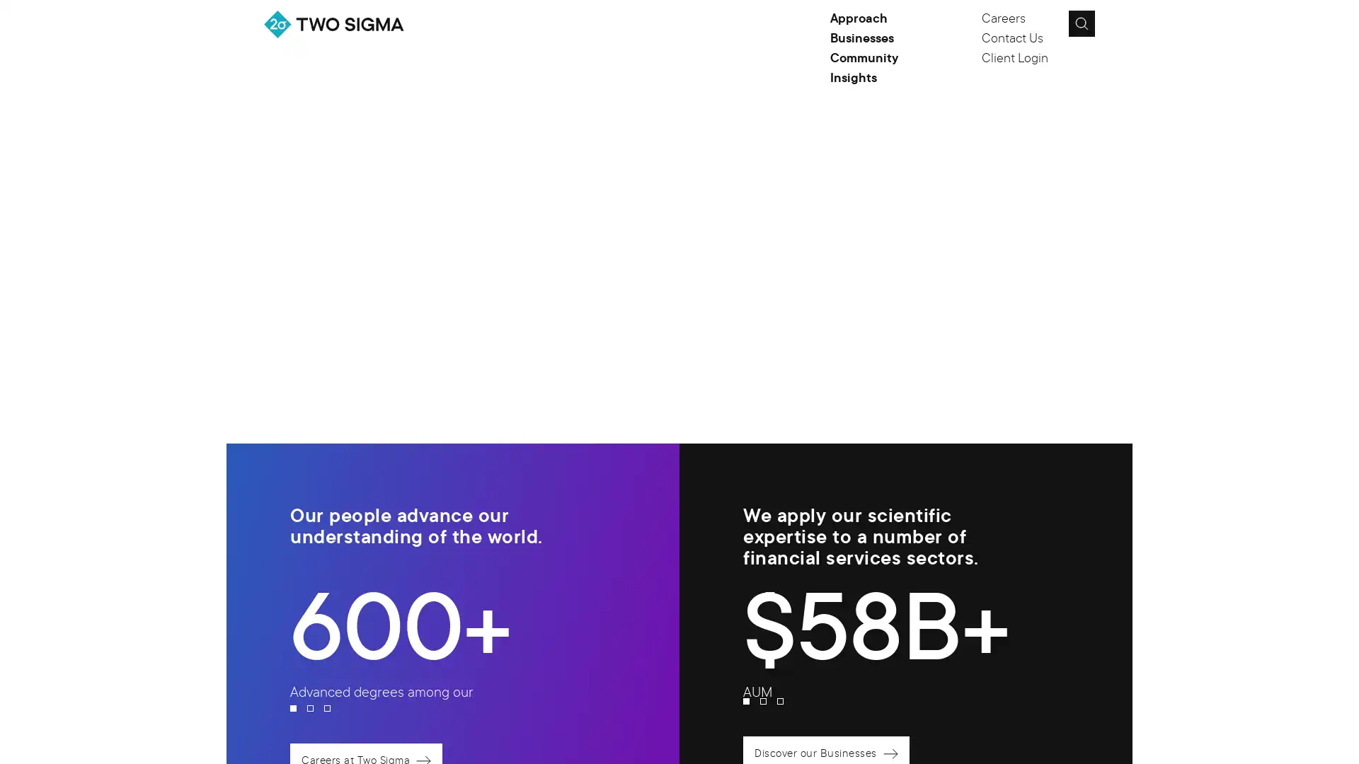  I want to click on Search, so click(1080, 23).